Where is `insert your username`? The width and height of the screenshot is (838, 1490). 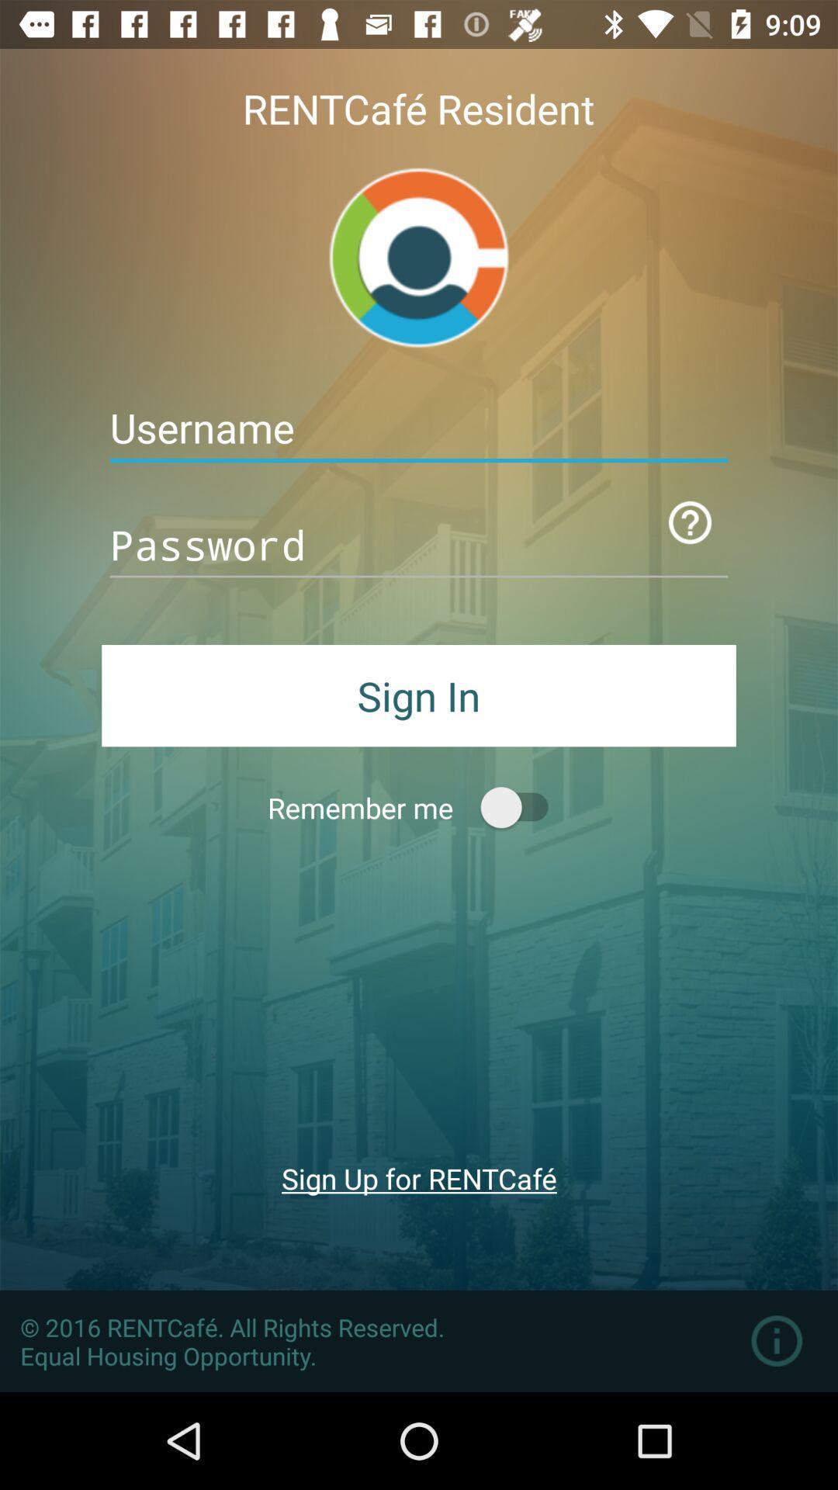 insert your username is located at coordinates (419, 428).